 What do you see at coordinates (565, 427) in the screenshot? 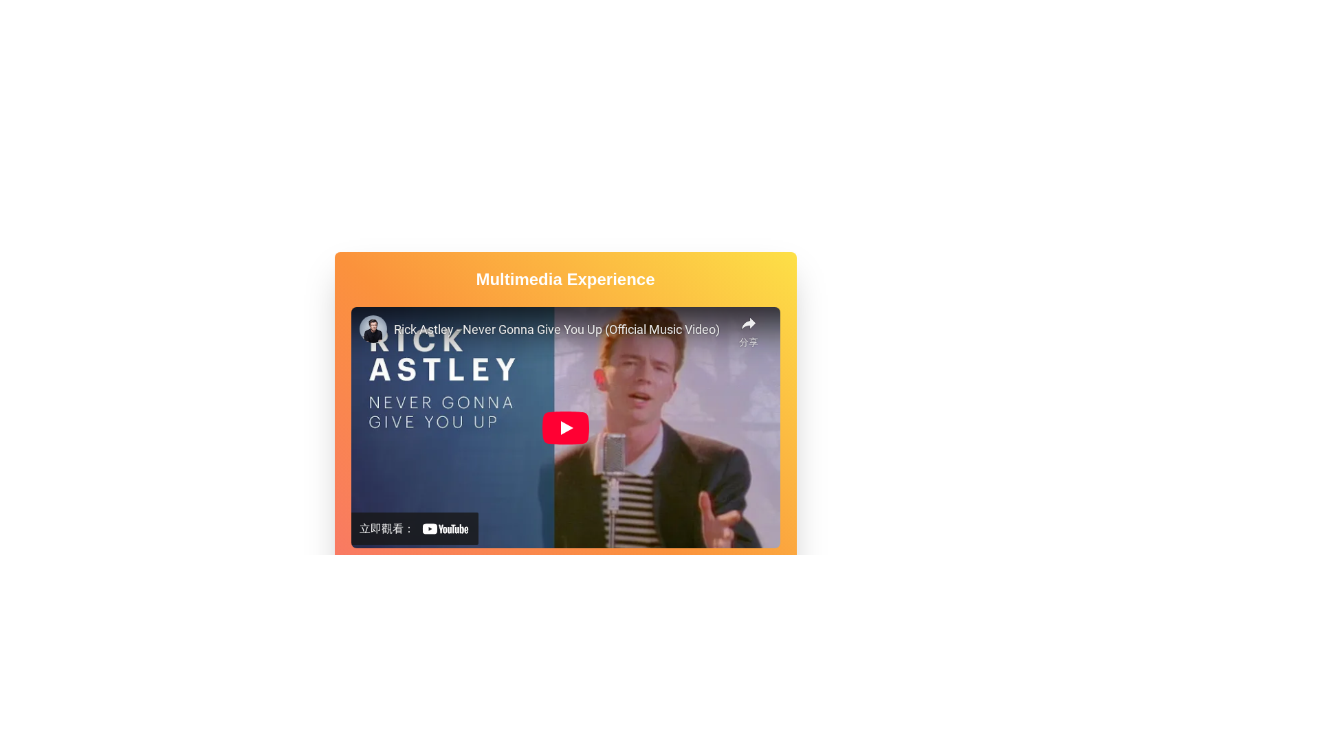
I see `the video iframe embedded within the multimedia card, located centrally below the title 'Multimedia Experience' and above the controls` at bounding box center [565, 427].